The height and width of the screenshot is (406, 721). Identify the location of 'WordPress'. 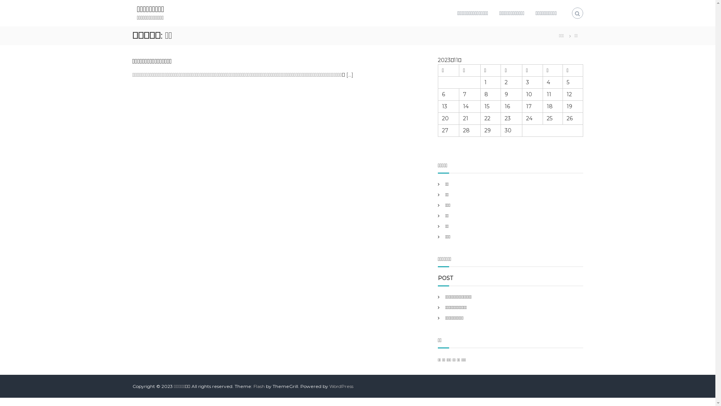
(329, 386).